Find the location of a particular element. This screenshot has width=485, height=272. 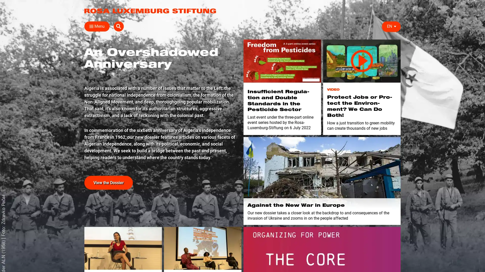

Show more / less is located at coordinates (161, 99).